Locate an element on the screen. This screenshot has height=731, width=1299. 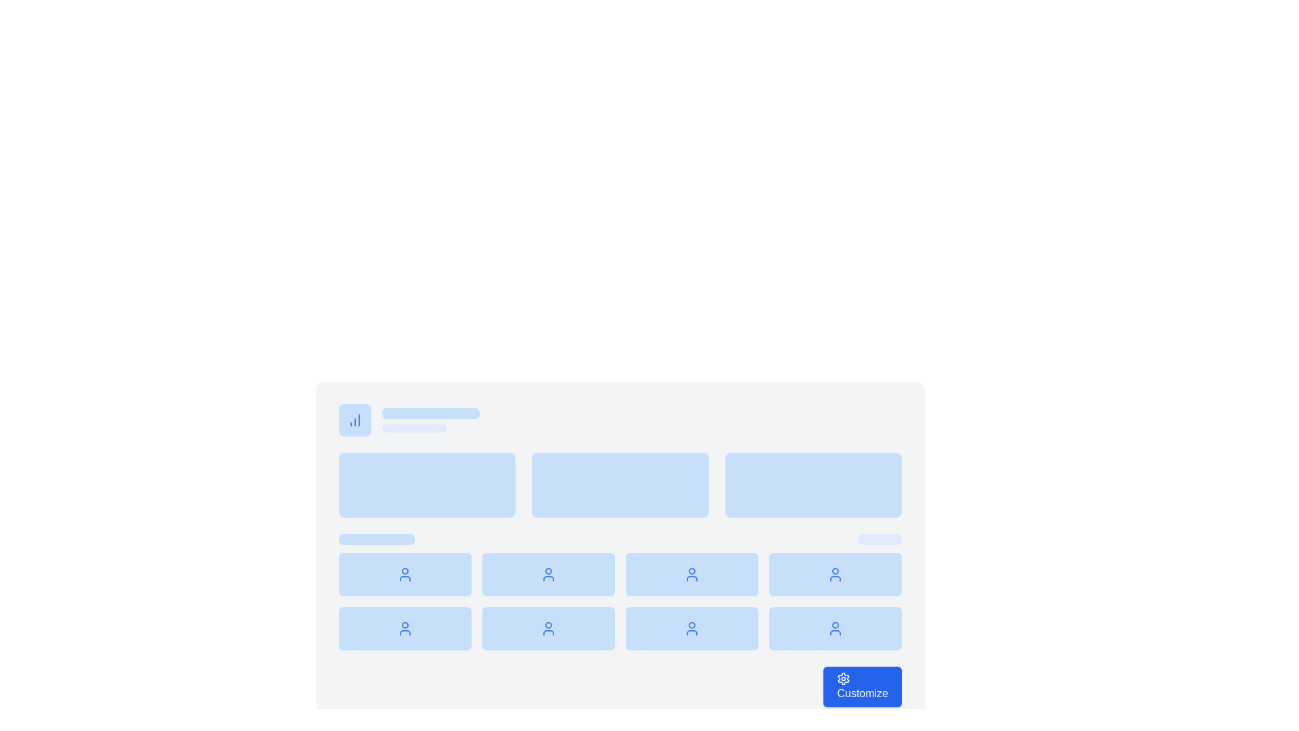
the gear-shaped icon located at the bottom-right of the interface, which is part of the 'Customize' button is located at coordinates (843, 678).